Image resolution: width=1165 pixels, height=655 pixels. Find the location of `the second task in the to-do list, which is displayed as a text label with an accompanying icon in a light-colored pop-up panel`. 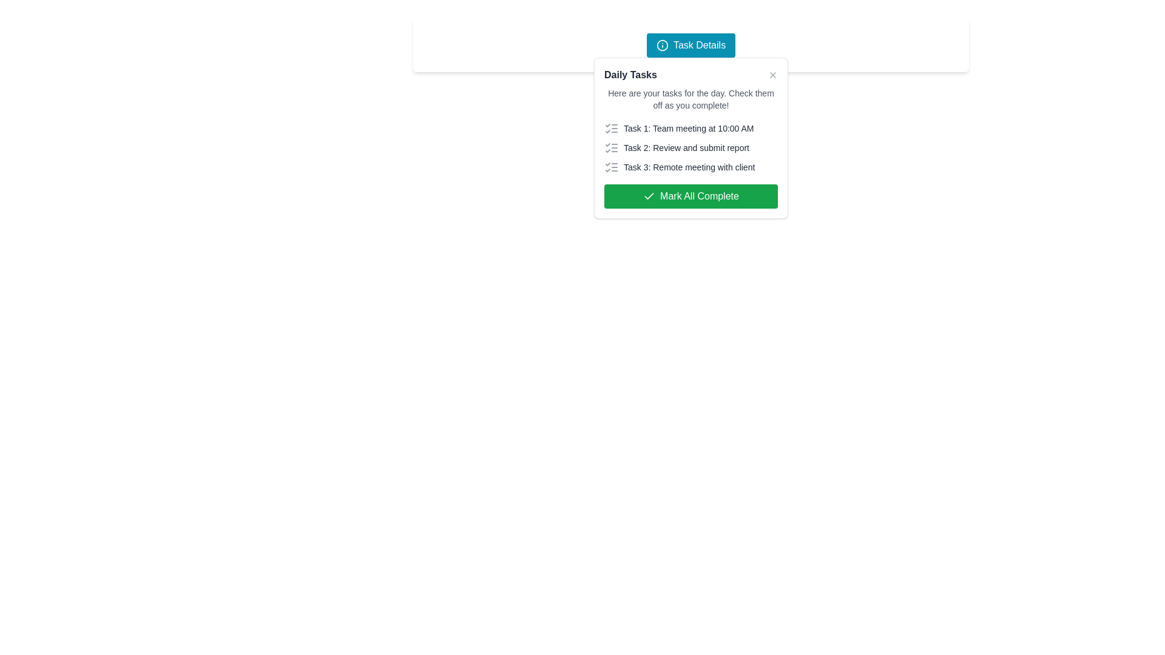

the second task in the to-do list, which is displayed as a text label with an accompanying icon in a light-colored pop-up panel is located at coordinates (691, 147).